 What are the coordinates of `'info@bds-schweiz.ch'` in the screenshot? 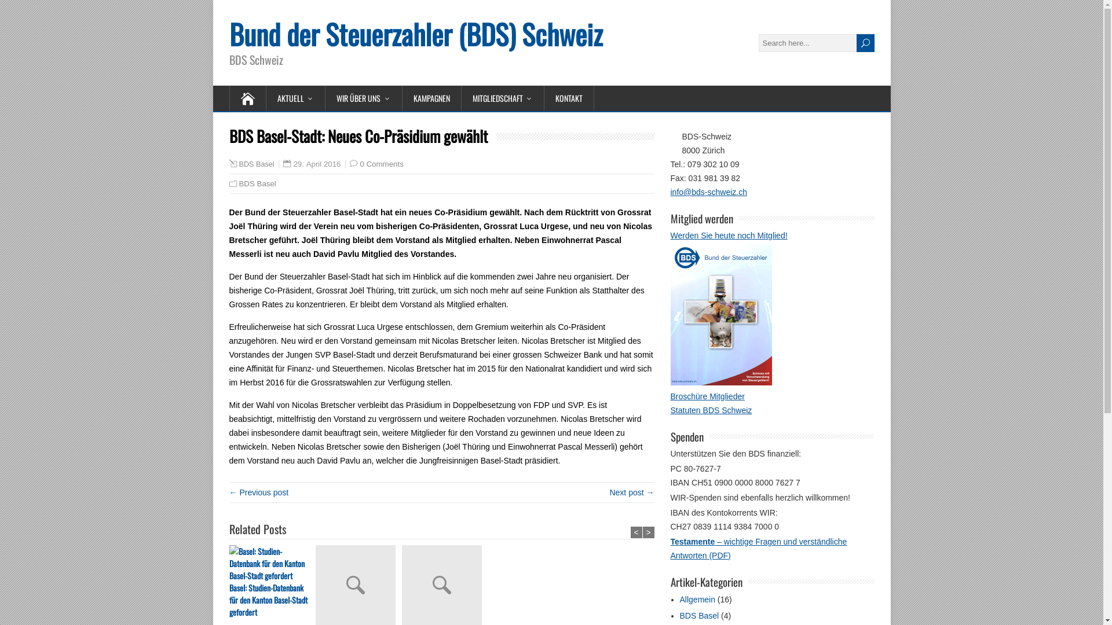 It's located at (708, 191).